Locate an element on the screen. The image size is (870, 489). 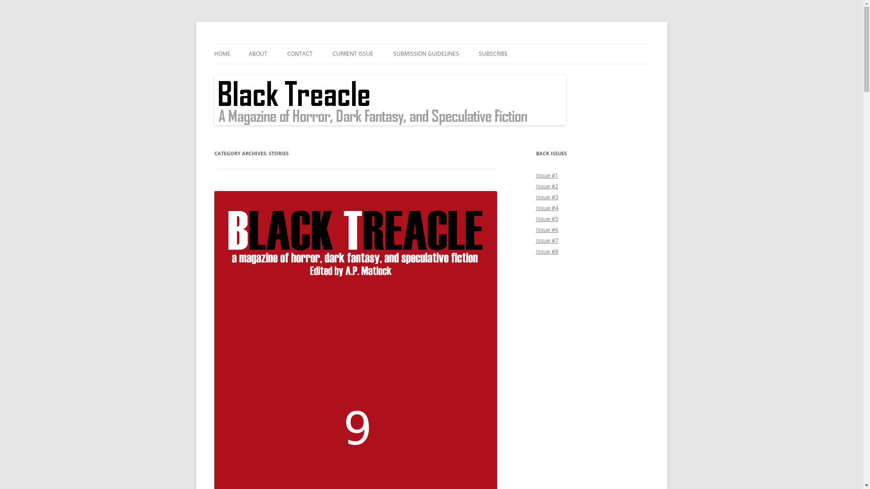
'Issue #7' is located at coordinates (546, 240).